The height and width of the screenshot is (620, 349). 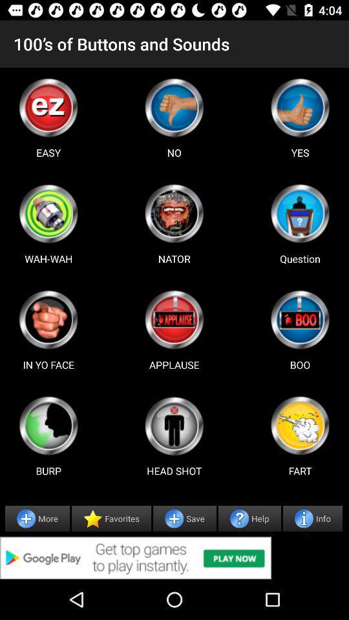 What do you see at coordinates (174, 557) in the screenshot?
I see `advertisement` at bounding box center [174, 557].